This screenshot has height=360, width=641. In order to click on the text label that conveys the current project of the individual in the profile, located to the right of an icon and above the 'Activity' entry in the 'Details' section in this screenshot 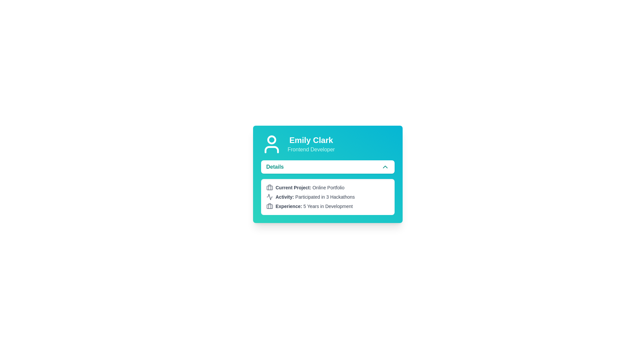, I will do `click(309, 188)`.